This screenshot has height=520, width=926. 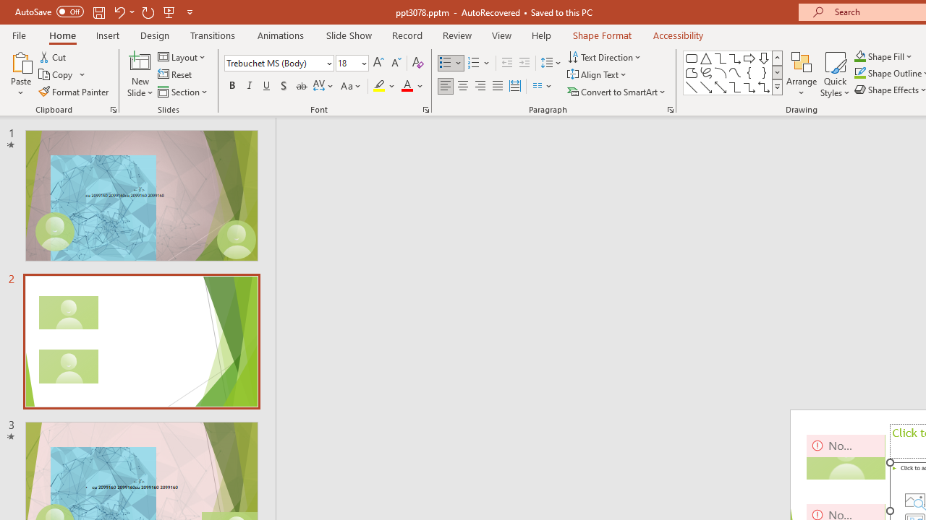 I want to click on 'Connector: Elbow Double-Arrow', so click(x=763, y=87).